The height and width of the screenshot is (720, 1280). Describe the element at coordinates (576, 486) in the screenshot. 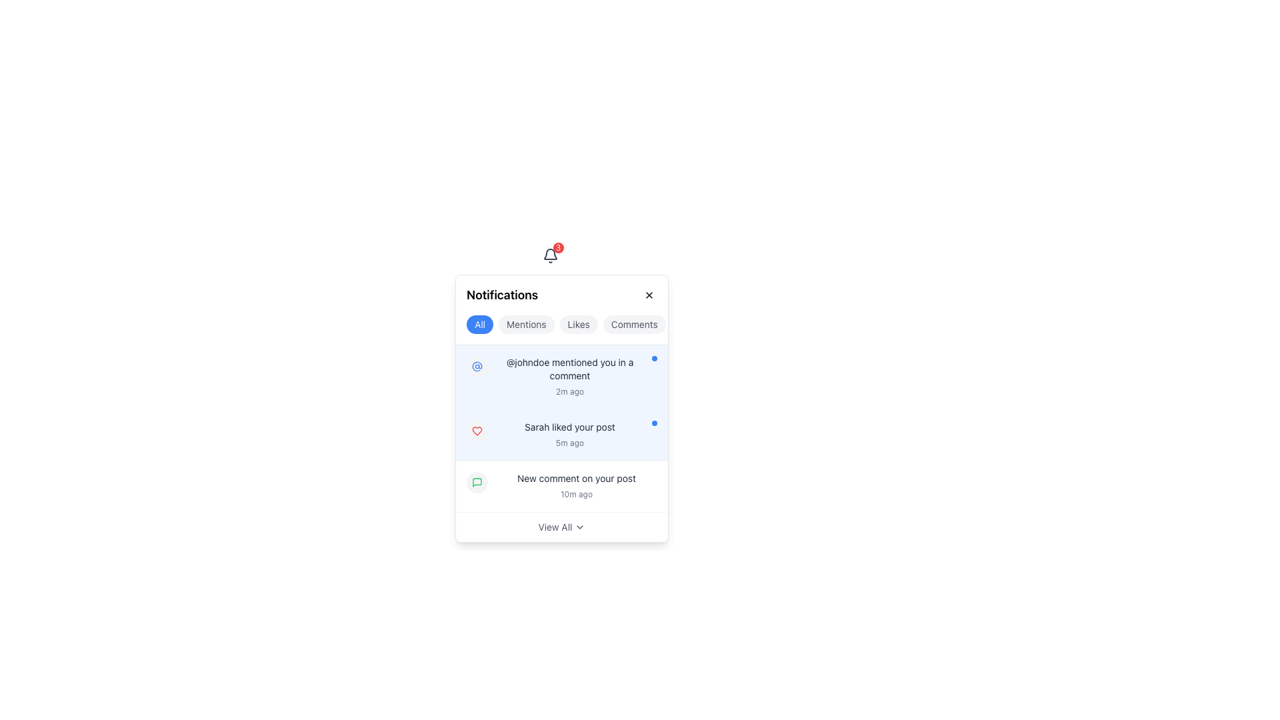

I see `the third notification in the Notifications list that displays 'New comment on your post'` at that location.